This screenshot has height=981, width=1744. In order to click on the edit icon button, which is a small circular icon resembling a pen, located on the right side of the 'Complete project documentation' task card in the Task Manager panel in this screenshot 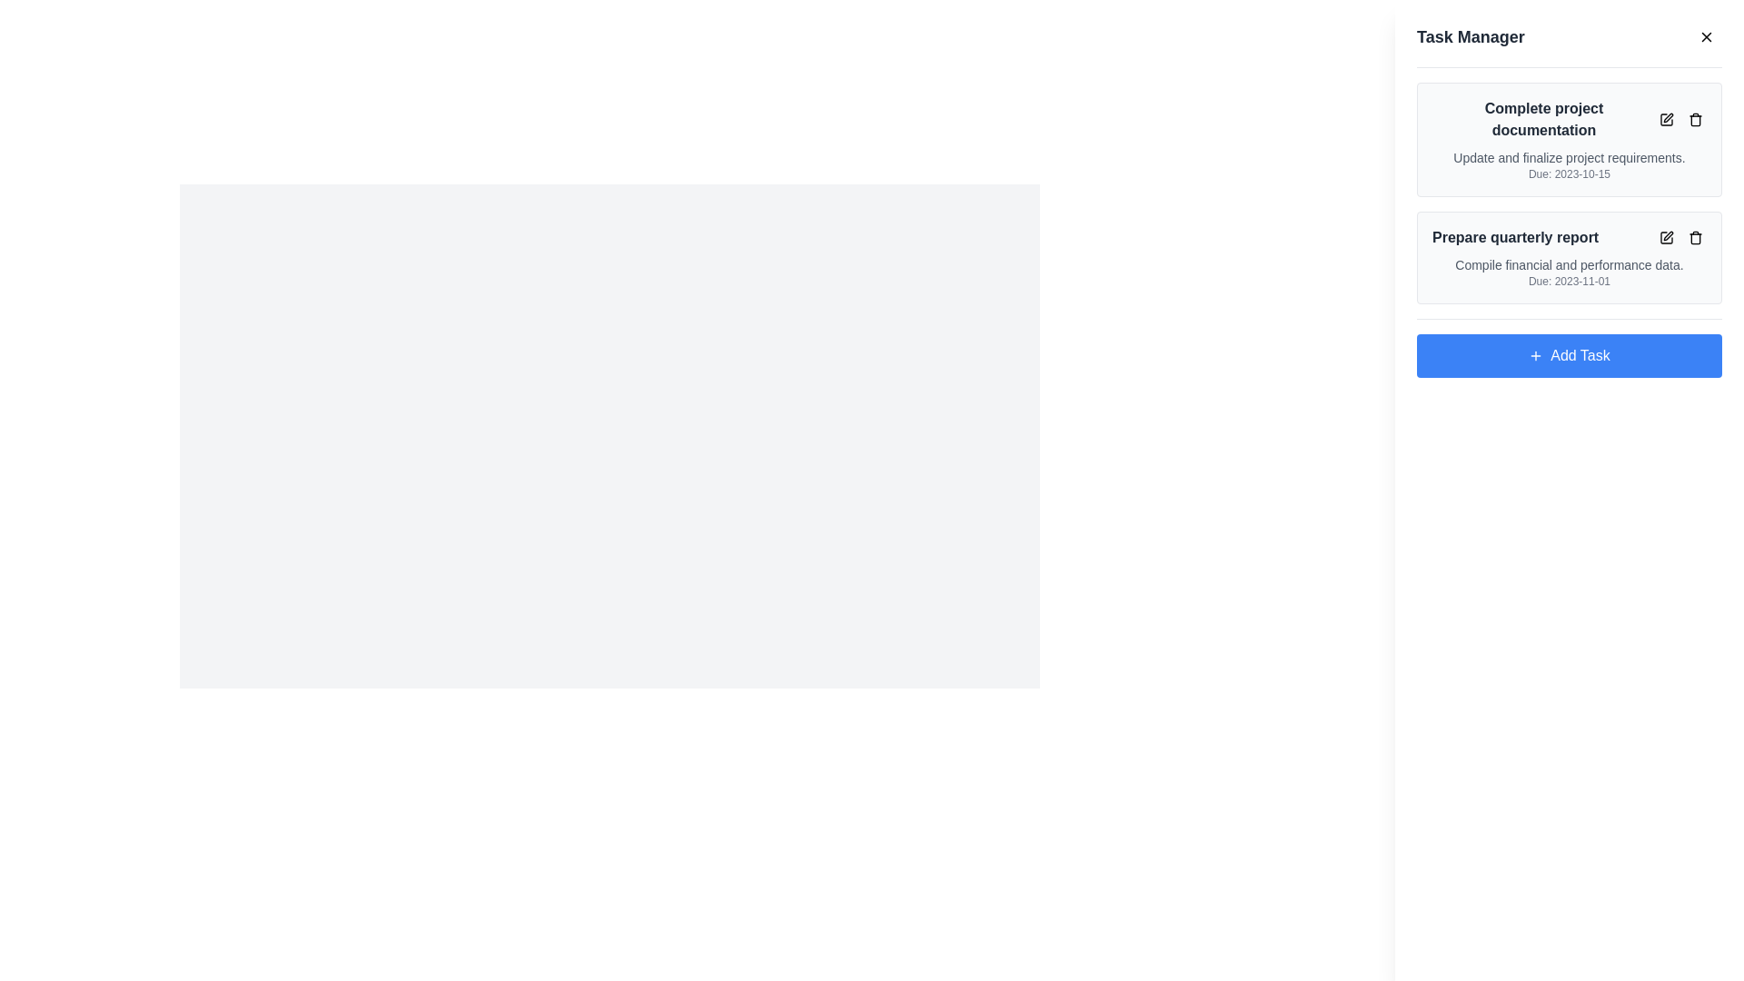, I will do `click(1666, 119)`.